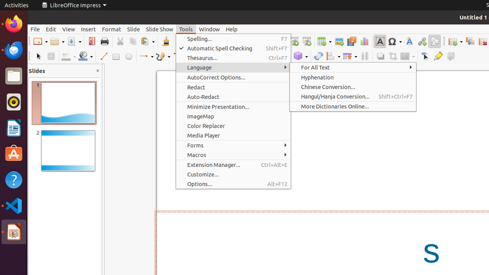 The height and width of the screenshot is (275, 489). What do you see at coordinates (115, 56) in the screenshot?
I see `'Rectangle'` at bounding box center [115, 56].